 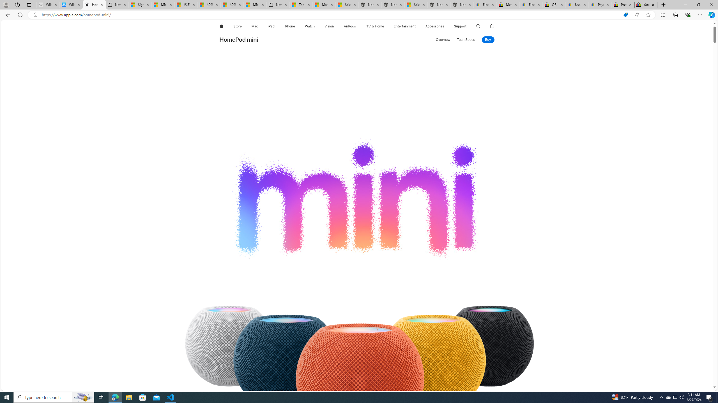 I want to click on 'Marine life - MSN', so click(x=324, y=4).